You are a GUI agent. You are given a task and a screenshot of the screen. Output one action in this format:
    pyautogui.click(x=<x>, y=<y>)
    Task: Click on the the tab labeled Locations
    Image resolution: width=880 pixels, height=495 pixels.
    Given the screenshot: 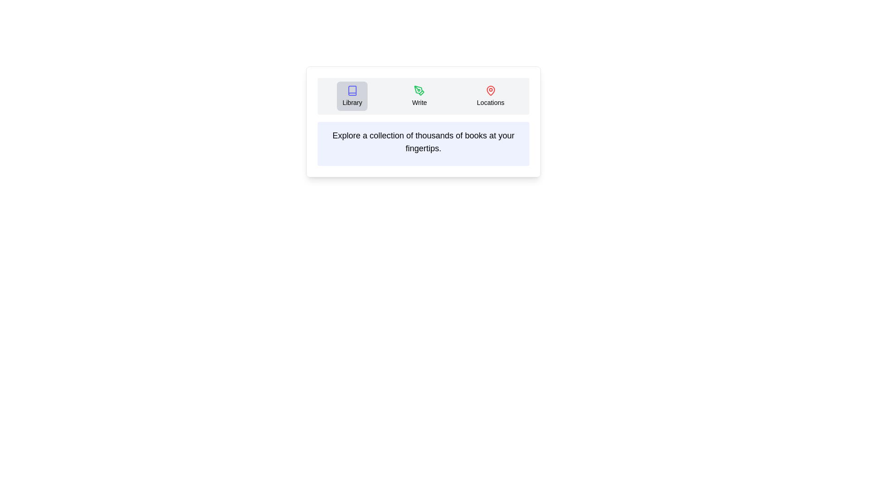 What is the action you would take?
    pyautogui.click(x=490, y=96)
    